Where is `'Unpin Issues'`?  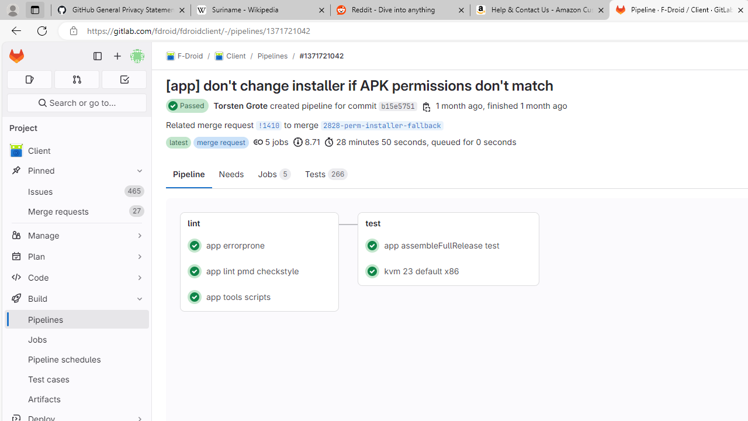
'Unpin Issues' is located at coordinates (137, 191).